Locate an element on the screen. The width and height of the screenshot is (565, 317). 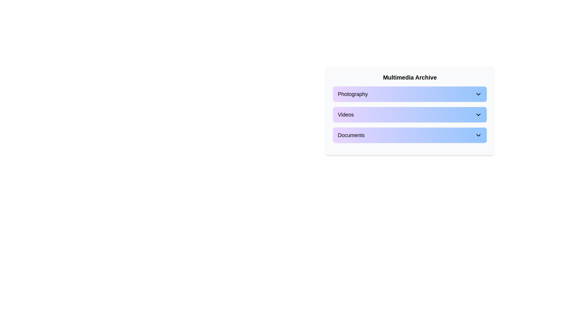
the dropdown indicator icon at the far-right end of the 'Videos' button is located at coordinates (478, 114).